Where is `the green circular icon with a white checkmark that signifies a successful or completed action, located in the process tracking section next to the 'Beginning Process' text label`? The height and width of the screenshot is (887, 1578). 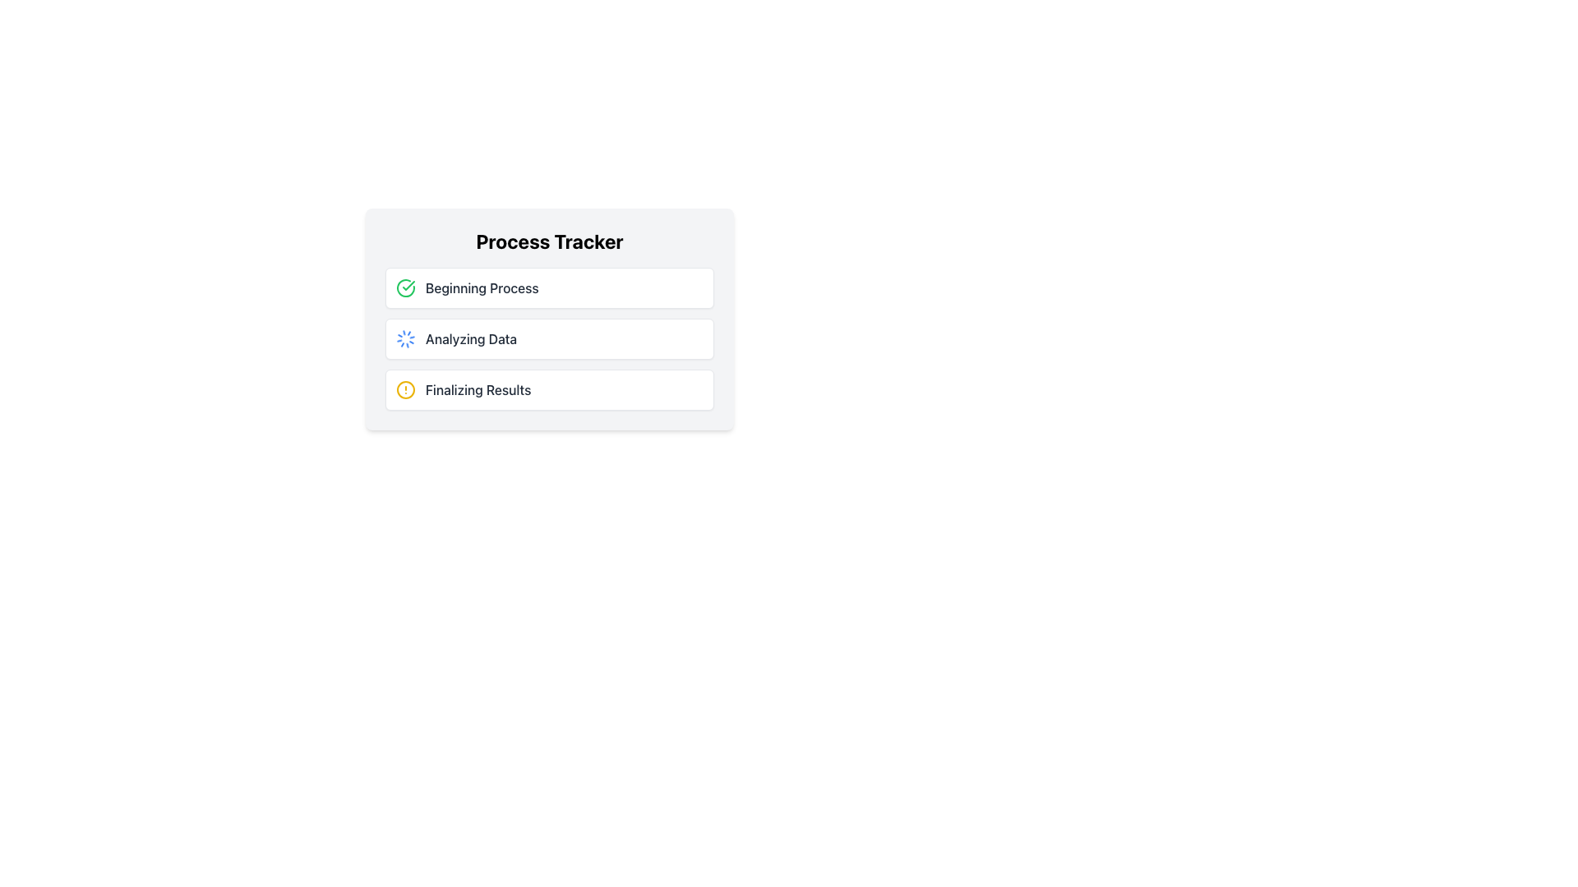
the green circular icon with a white checkmark that signifies a successful or completed action, located in the process tracking section next to the 'Beginning Process' text label is located at coordinates (406, 287).